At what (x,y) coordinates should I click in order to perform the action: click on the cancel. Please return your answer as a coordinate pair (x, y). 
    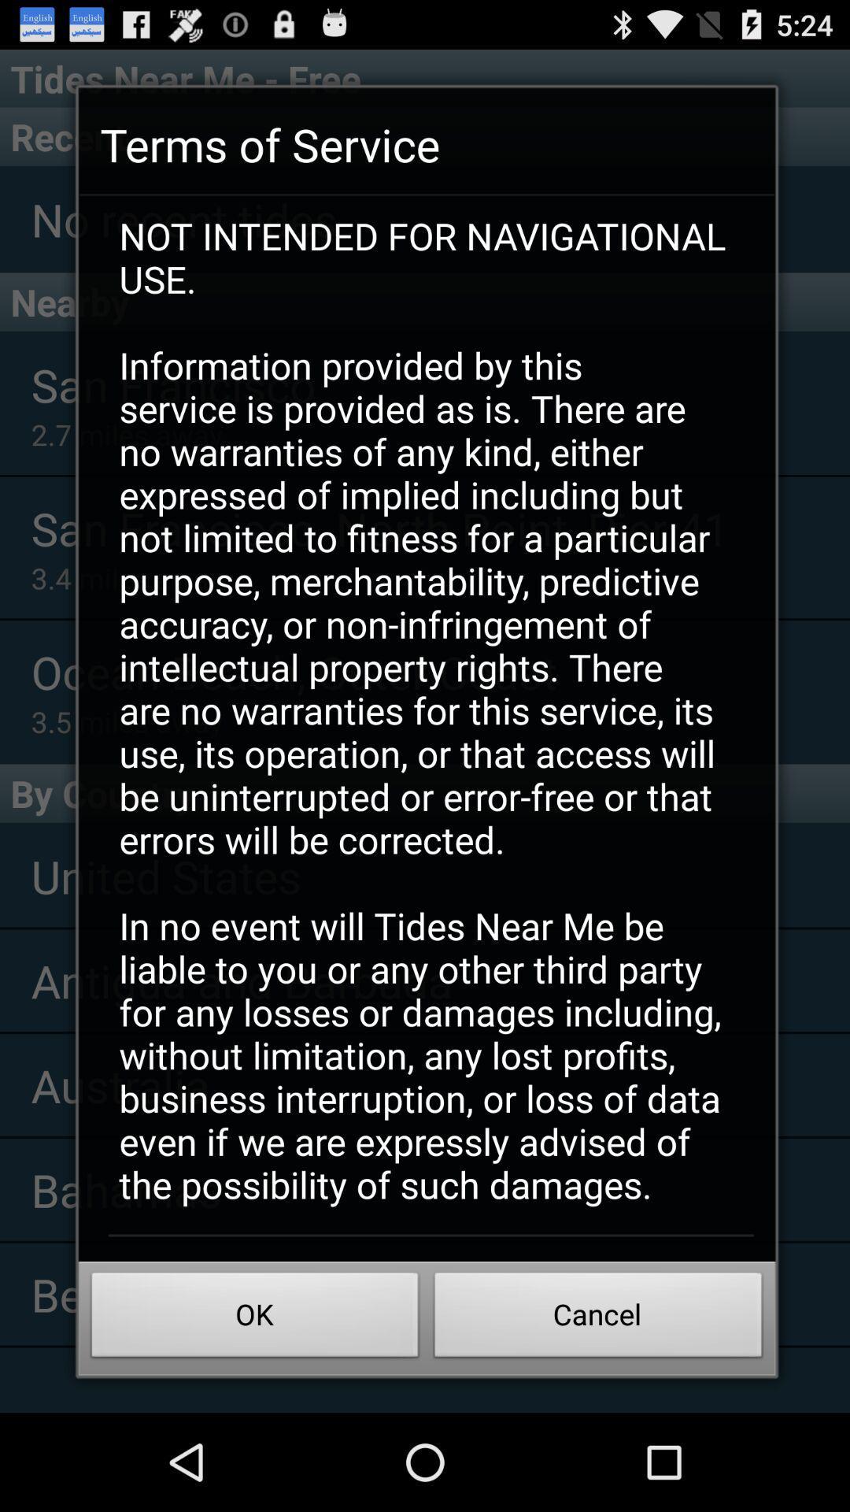
    Looking at the image, I should click on (598, 1319).